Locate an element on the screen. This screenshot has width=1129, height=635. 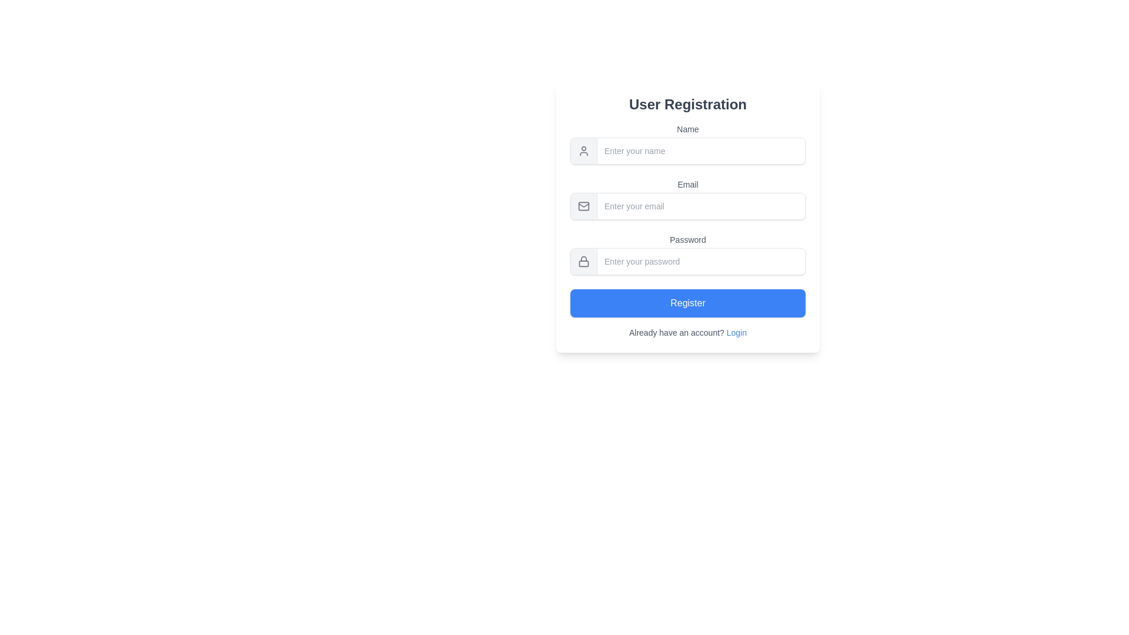
the blue rectangular button labeled 'Register' located at the bottom of the form is located at coordinates (688, 303).